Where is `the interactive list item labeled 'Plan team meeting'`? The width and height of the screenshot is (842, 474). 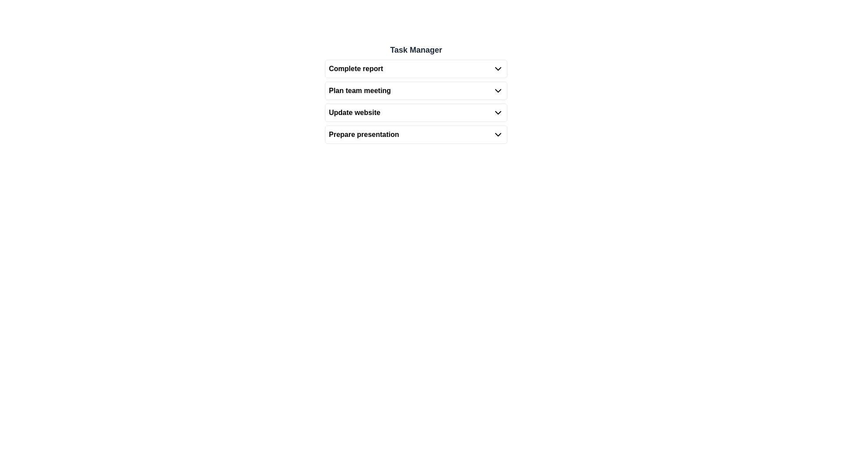 the interactive list item labeled 'Plan team meeting' is located at coordinates (416, 93).